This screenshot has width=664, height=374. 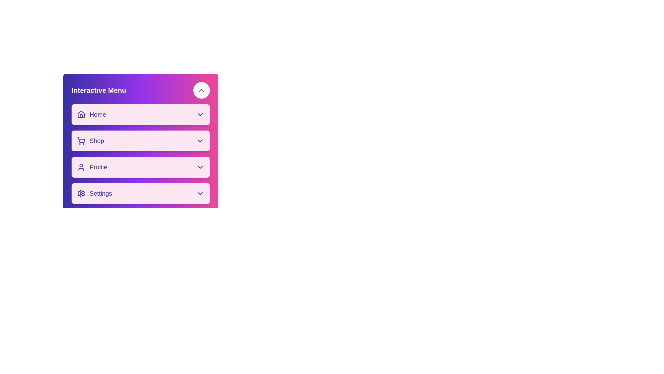 What do you see at coordinates (140, 114) in the screenshot?
I see `the first clickable menu item labeled 'Home' in the Interactive Menu` at bounding box center [140, 114].